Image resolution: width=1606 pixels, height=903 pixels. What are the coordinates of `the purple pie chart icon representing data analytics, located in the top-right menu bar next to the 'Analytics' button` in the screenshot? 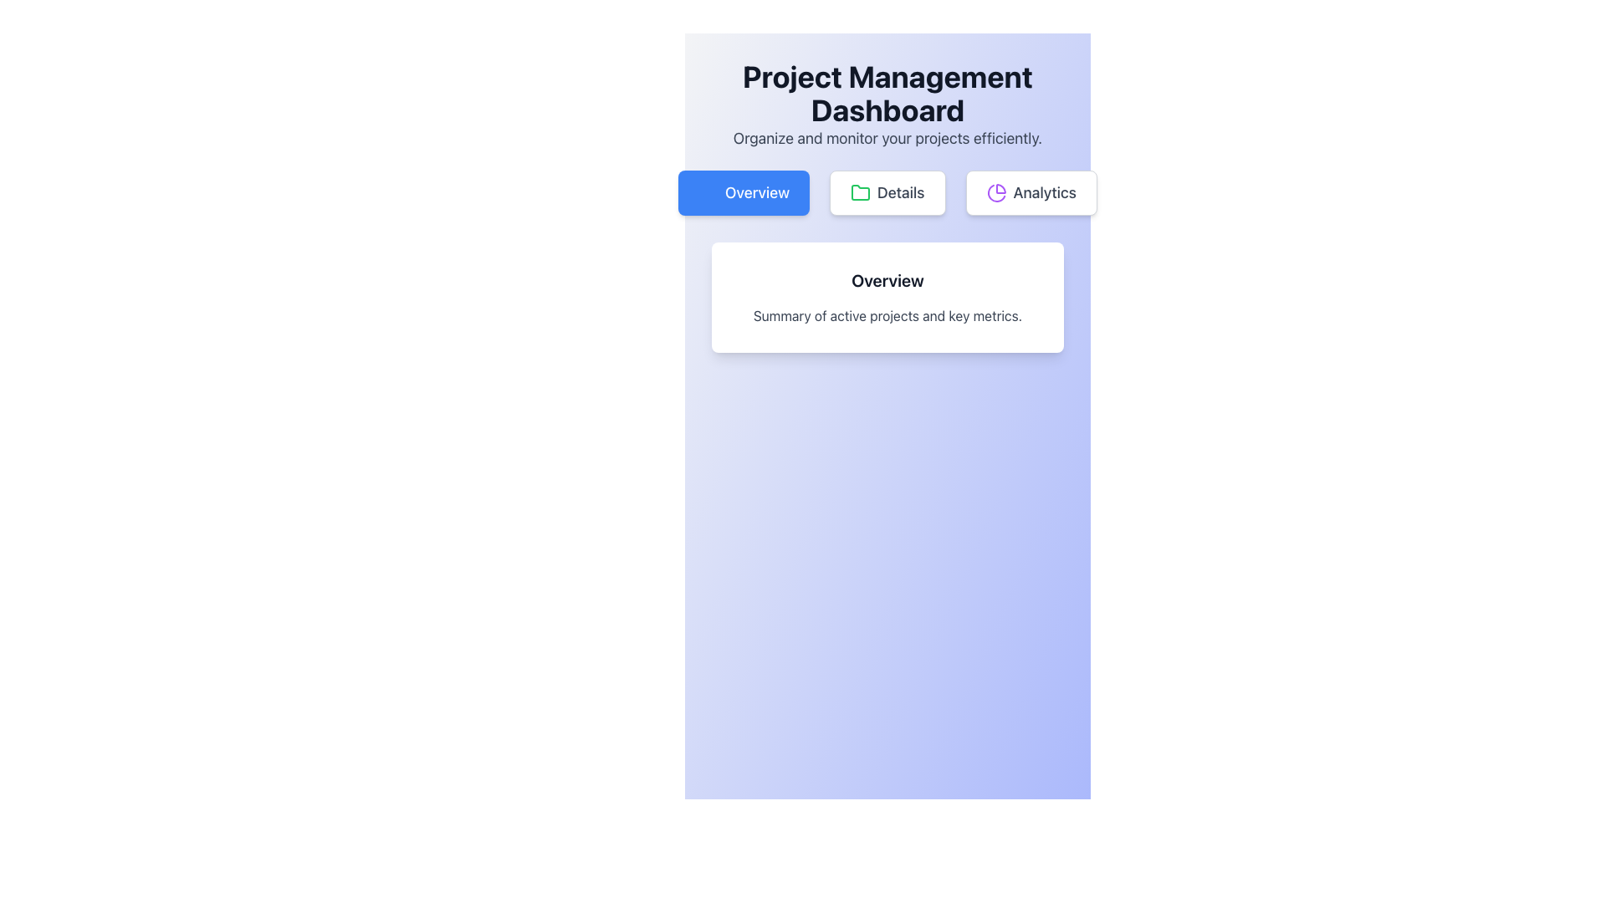 It's located at (996, 192).